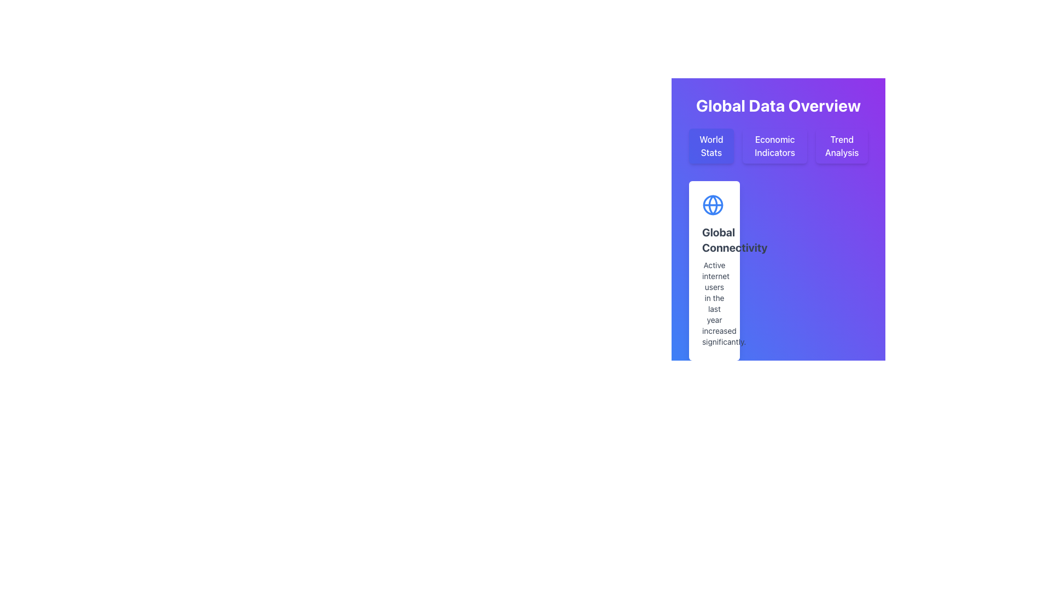 This screenshot has width=1050, height=591. What do you see at coordinates (713, 205) in the screenshot?
I see `the central SVG circle graphic within the globe icon, which is located inside a white card below the 'Global Data Overview' text and associated with 'Global Connectivity'` at bounding box center [713, 205].